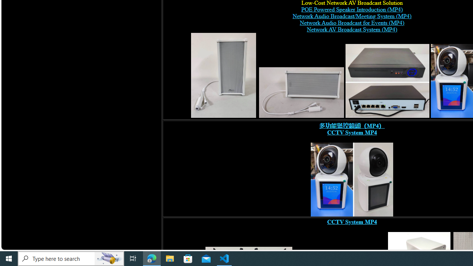  What do you see at coordinates (351, 29) in the screenshot?
I see `'Network AV Broadcast System (MP4)'` at bounding box center [351, 29].